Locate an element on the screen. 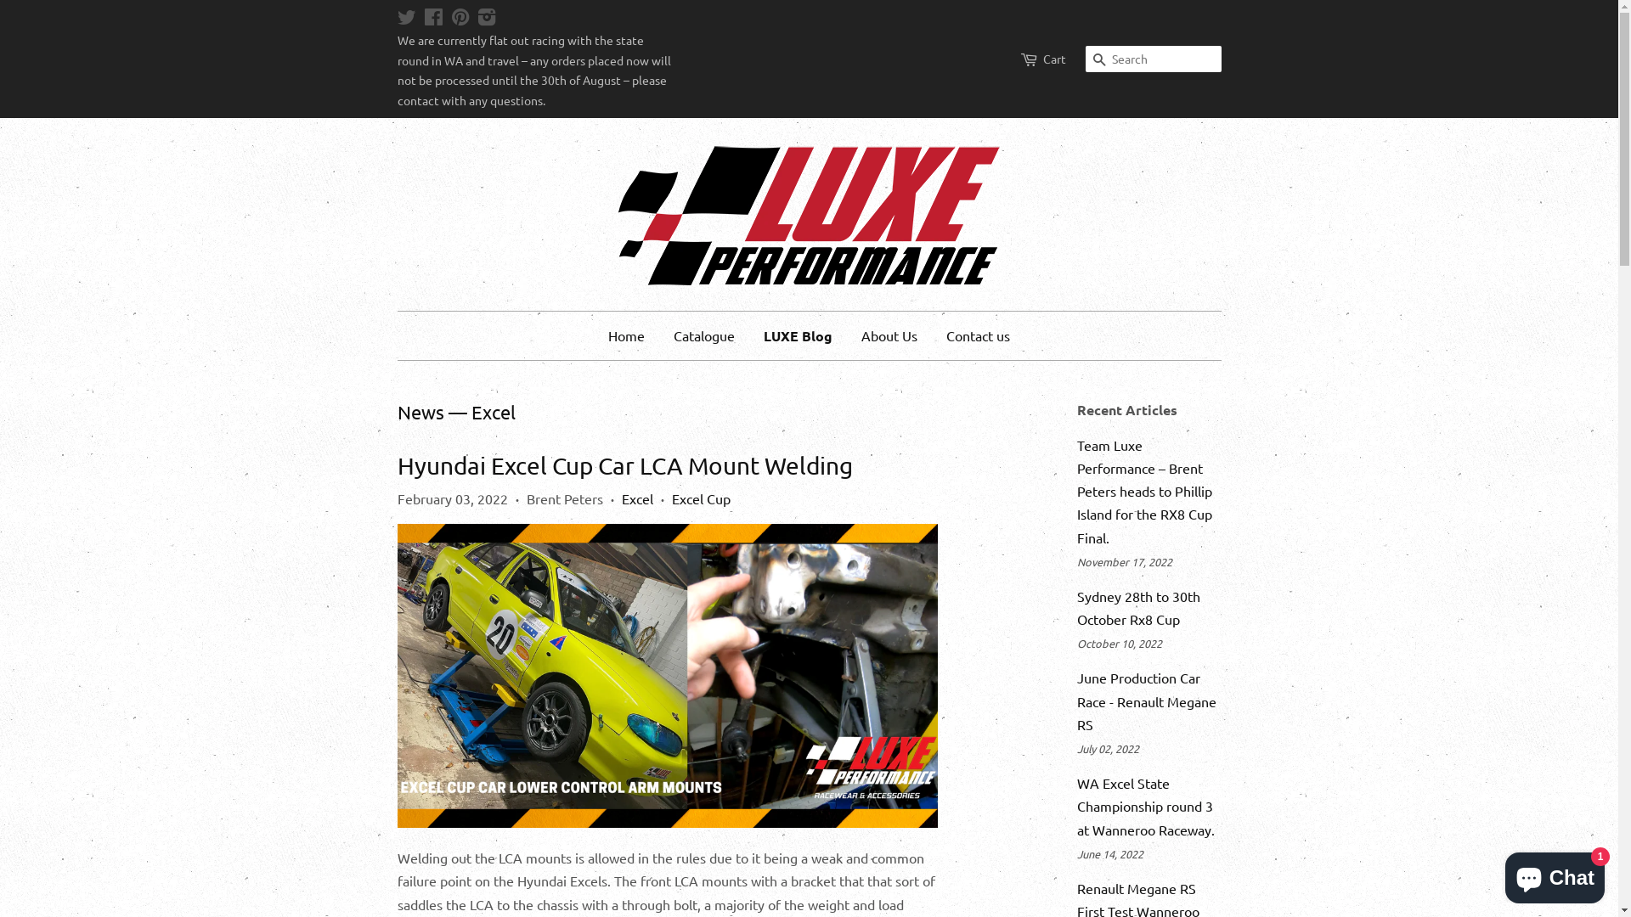 The image size is (1631, 917). 'Cart' is located at coordinates (1053, 58).